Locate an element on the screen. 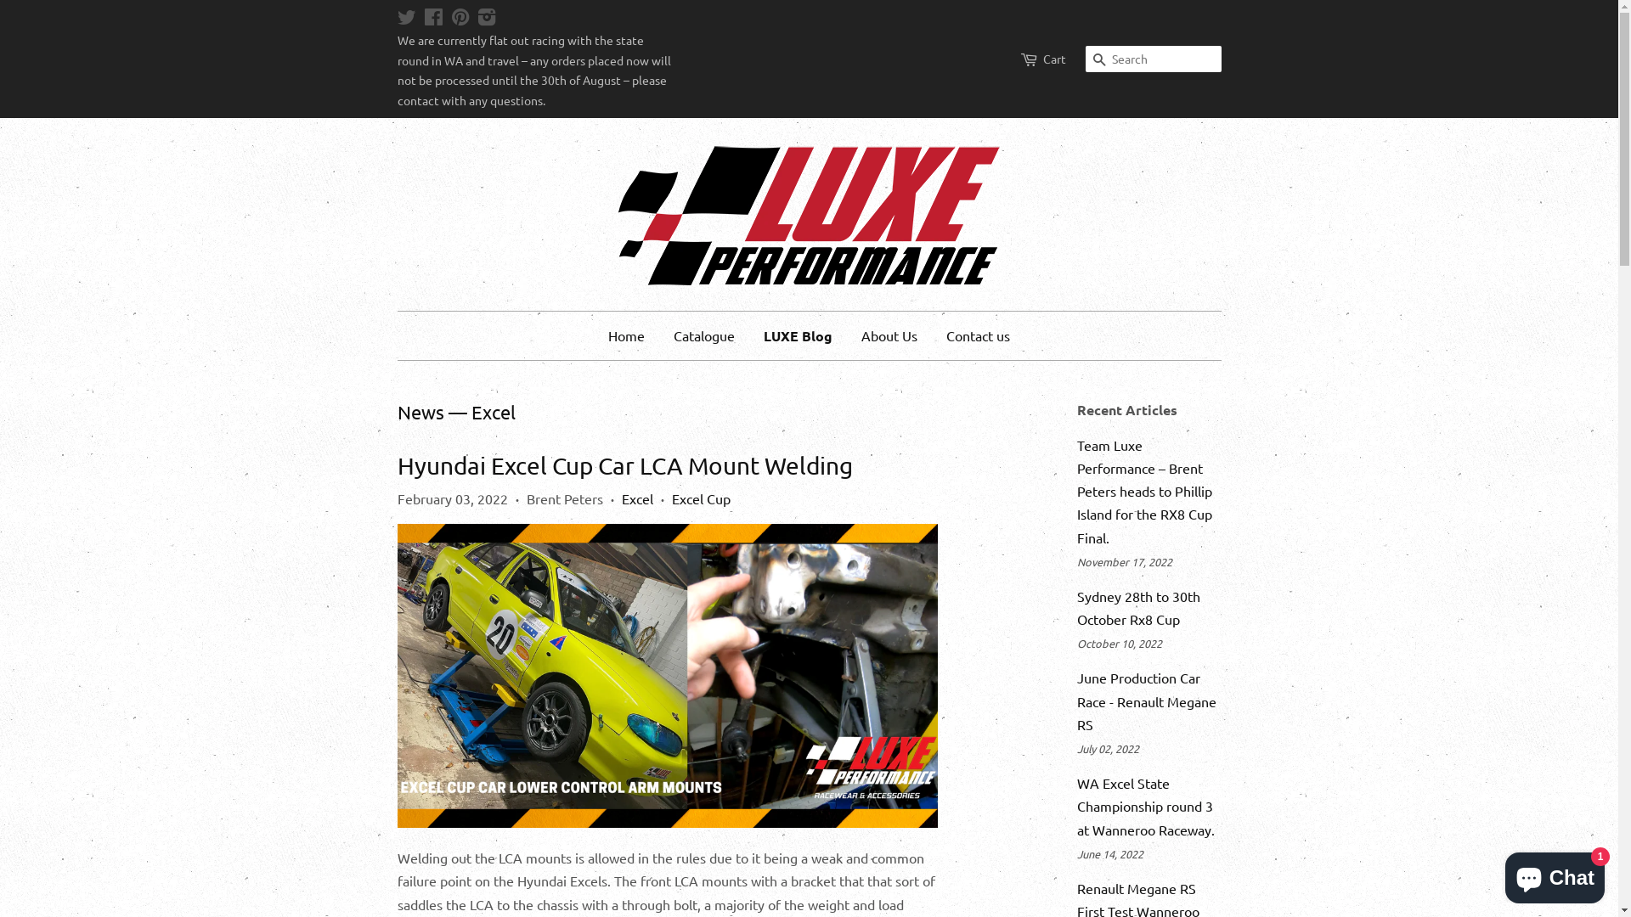 The image size is (1631, 917). 'Cart' is located at coordinates (1053, 58).